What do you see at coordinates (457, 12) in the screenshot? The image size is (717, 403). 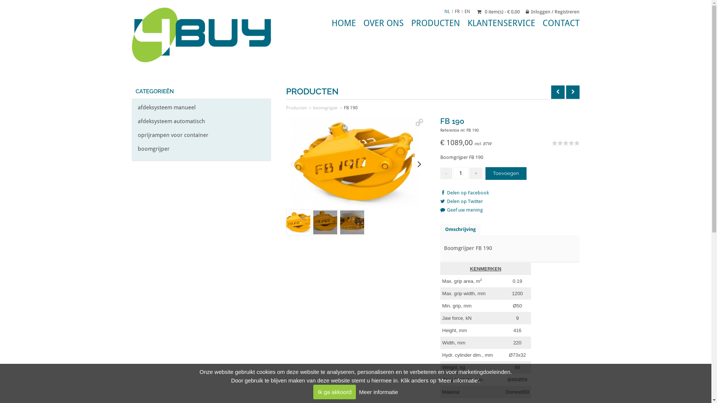 I see `'FR'` at bounding box center [457, 12].